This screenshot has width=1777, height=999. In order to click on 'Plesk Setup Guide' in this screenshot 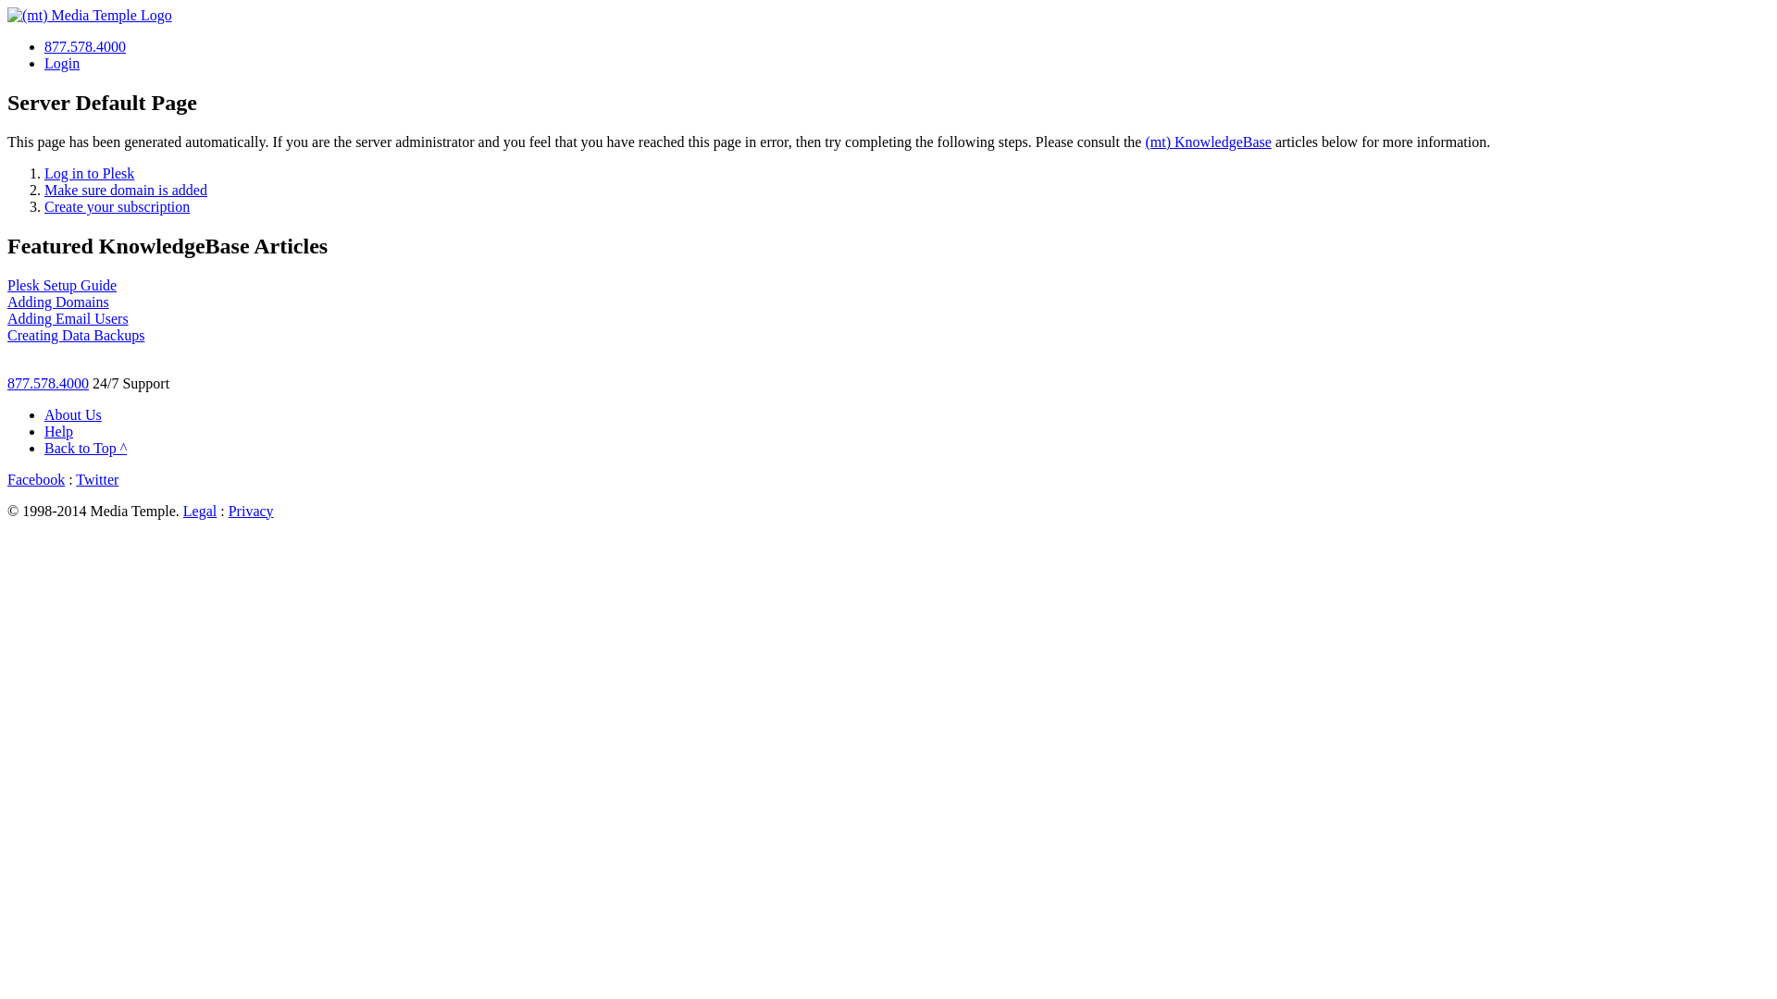, I will do `click(62, 285)`.